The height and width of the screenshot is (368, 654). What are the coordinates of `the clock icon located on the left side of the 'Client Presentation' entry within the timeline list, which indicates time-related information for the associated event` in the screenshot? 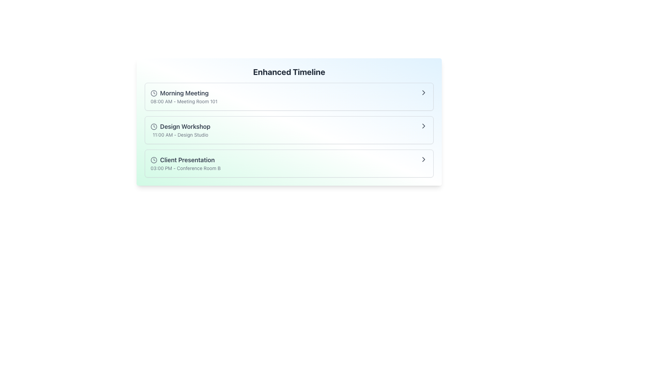 It's located at (153, 160).